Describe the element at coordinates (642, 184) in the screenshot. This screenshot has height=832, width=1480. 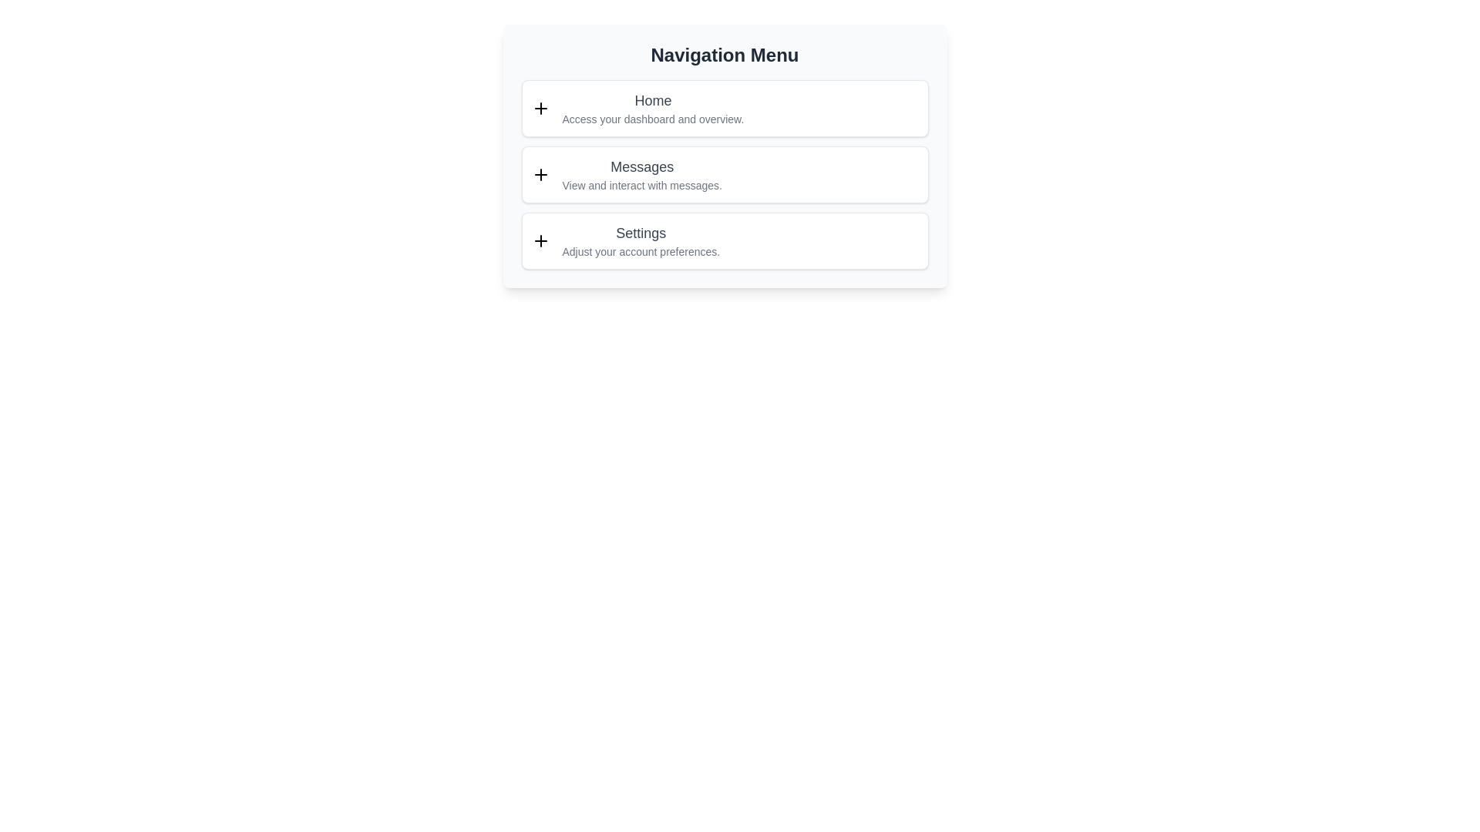
I see `the static text label that reads 'View and interact with messages.' which is located beneath the 'Messages' text in the navigation menu` at that location.